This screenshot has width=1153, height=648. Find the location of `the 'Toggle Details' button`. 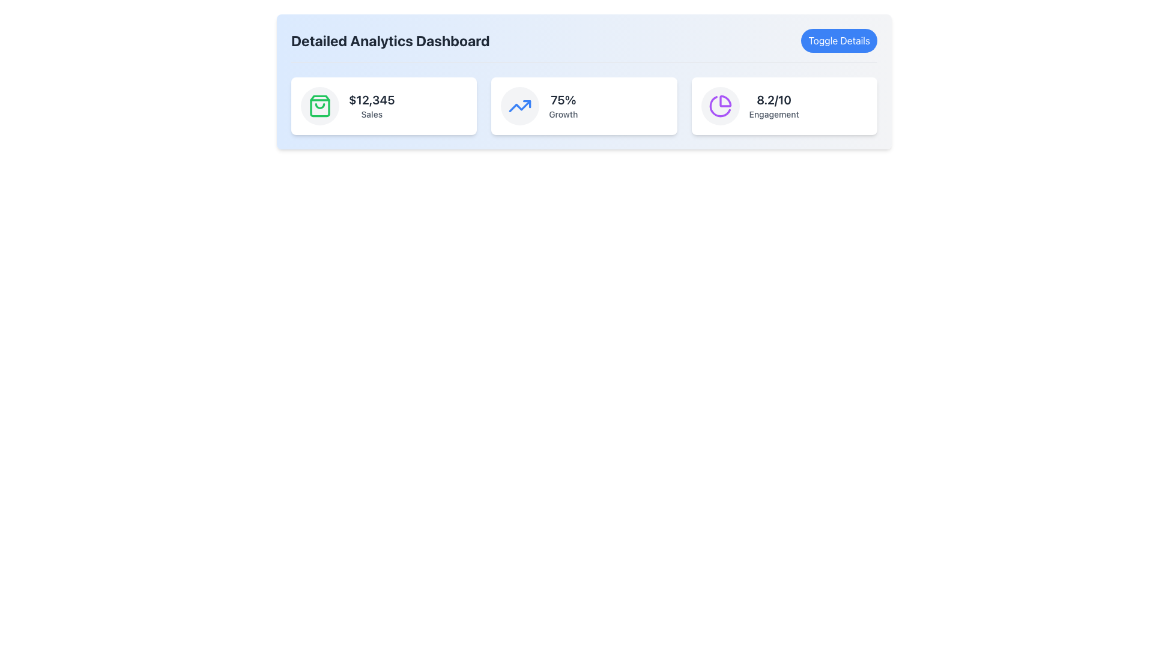

the 'Toggle Details' button is located at coordinates (838, 40).